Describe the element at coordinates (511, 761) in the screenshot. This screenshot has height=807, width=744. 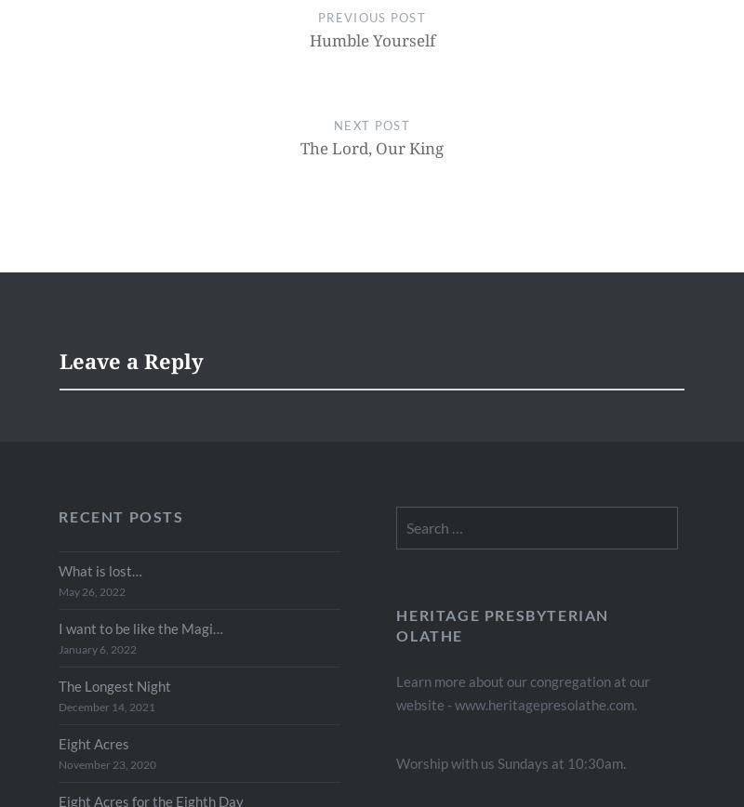
I see `'Worship with us Sundays at 10:30am.'` at that location.